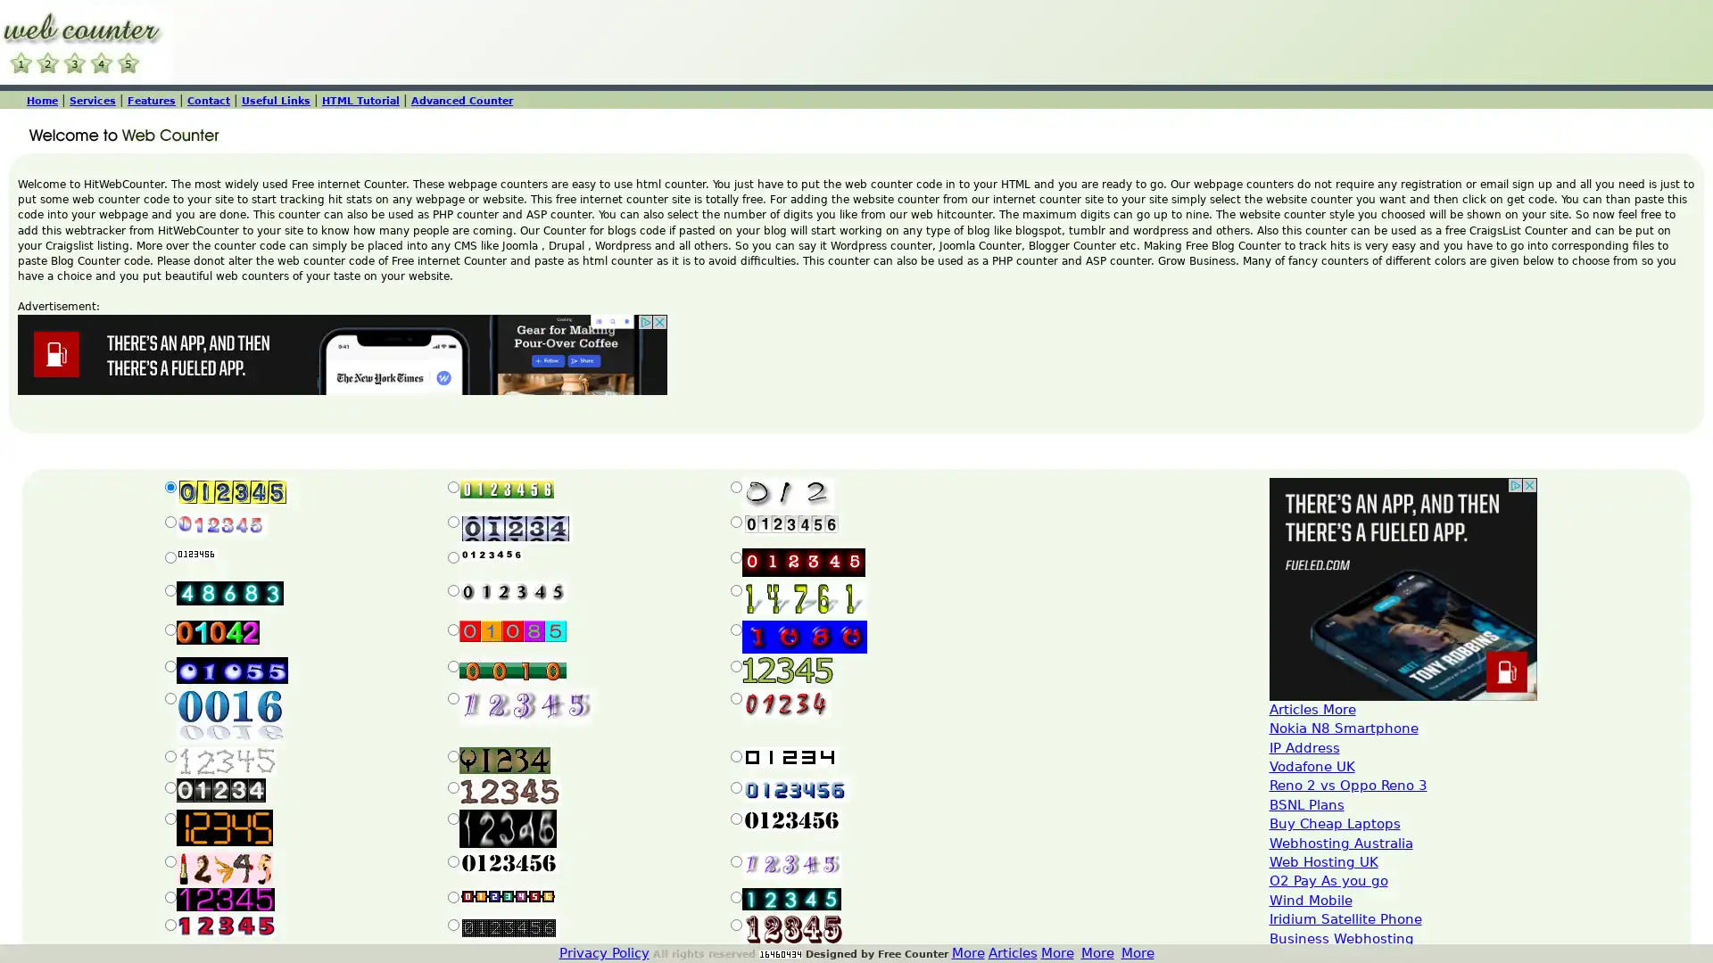 The image size is (1713, 963). Describe the element at coordinates (508, 926) in the screenshot. I see `Submit` at that location.